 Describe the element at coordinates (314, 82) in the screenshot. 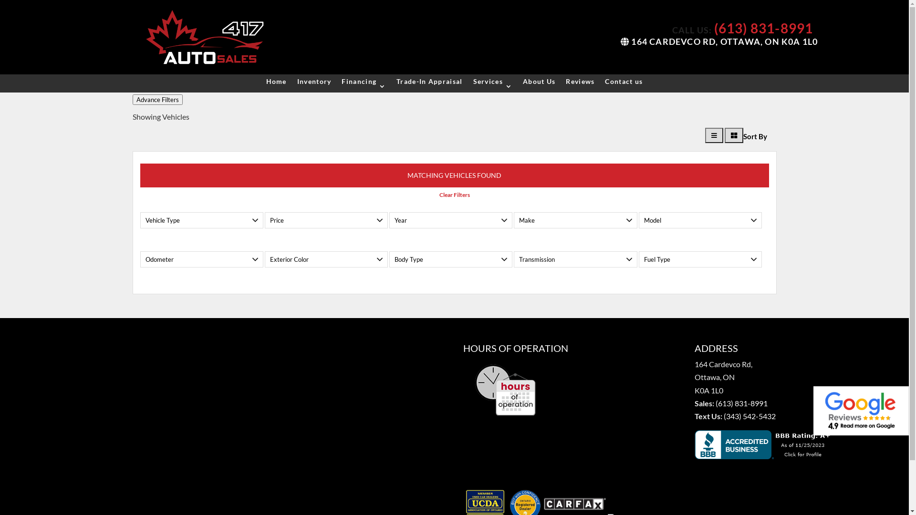

I see `'Inventory'` at that location.